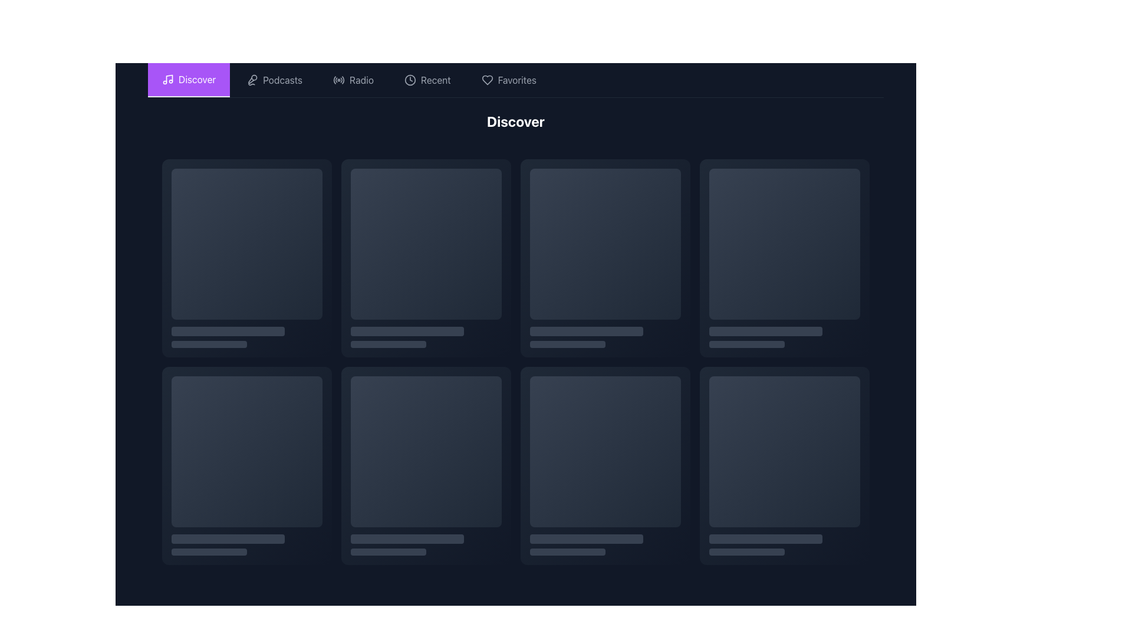 The width and height of the screenshot is (1132, 637). What do you see at coordinates (435, 80) in the screenshot?
I see `the fourth selectable option in the navigation menu, which is a Text Label used to filter or view recently accessed or added items` at bounding box center [435, 80].